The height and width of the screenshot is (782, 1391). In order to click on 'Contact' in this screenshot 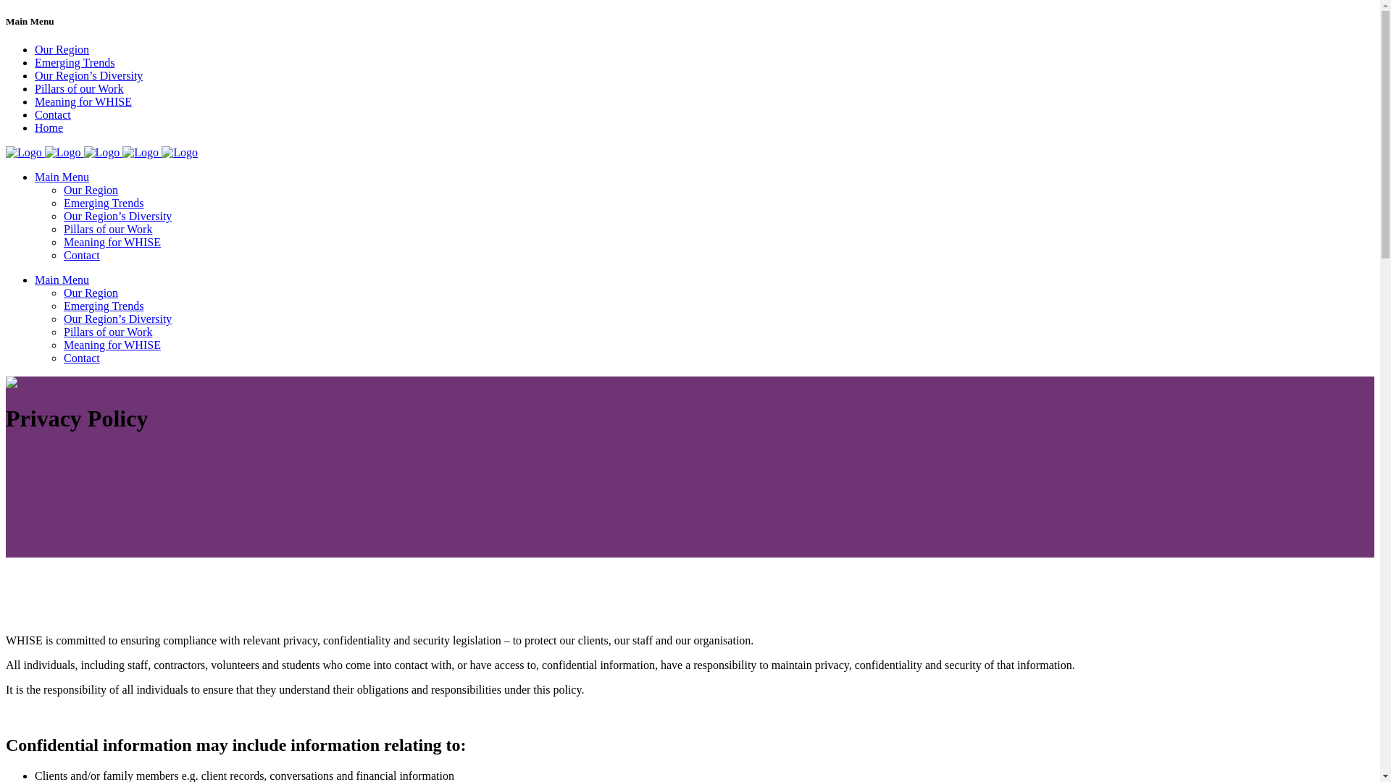, I will do `click(52, 114)`.